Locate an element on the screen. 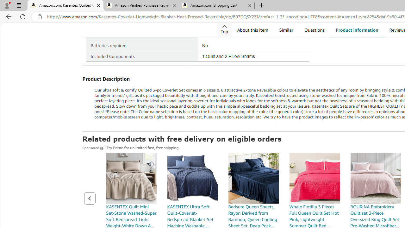 The image size is (405, 228). 'Questions' is located at coordinates (314, 30).